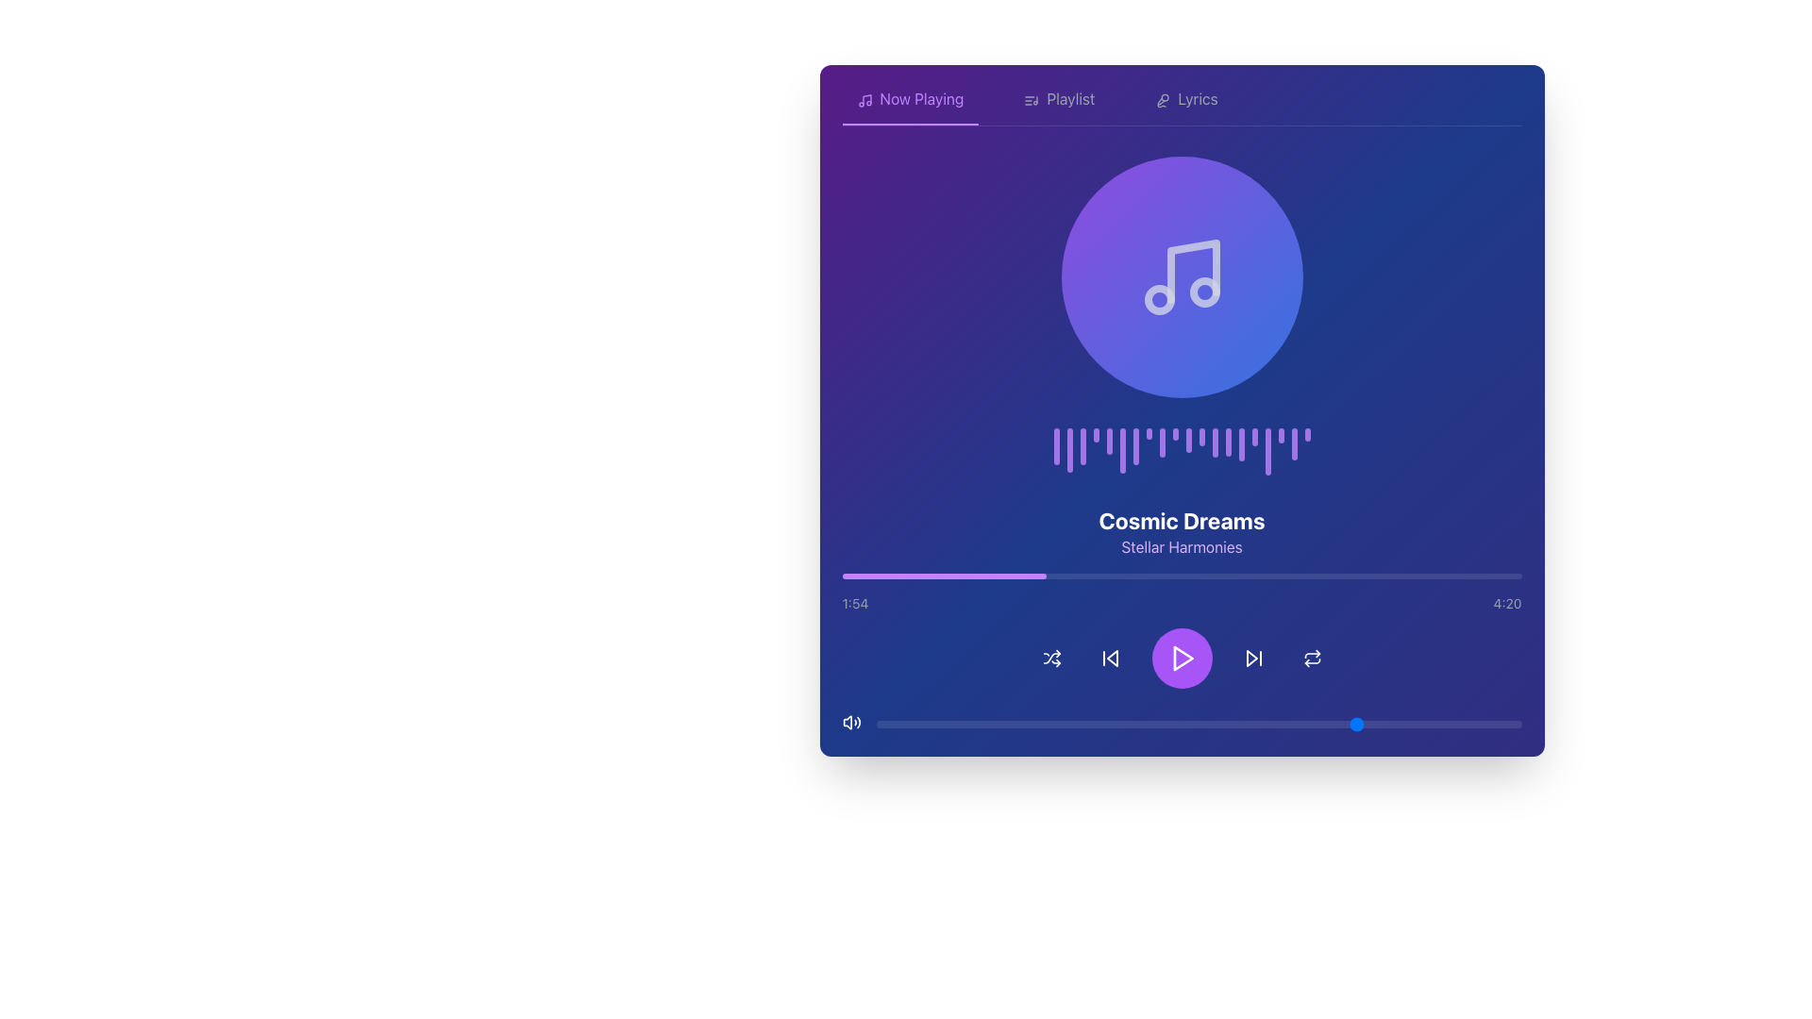  What do you see at coordinates (1024, 575) in the screenshot?
I see `playback progress` at bounding box center [1024, 575].